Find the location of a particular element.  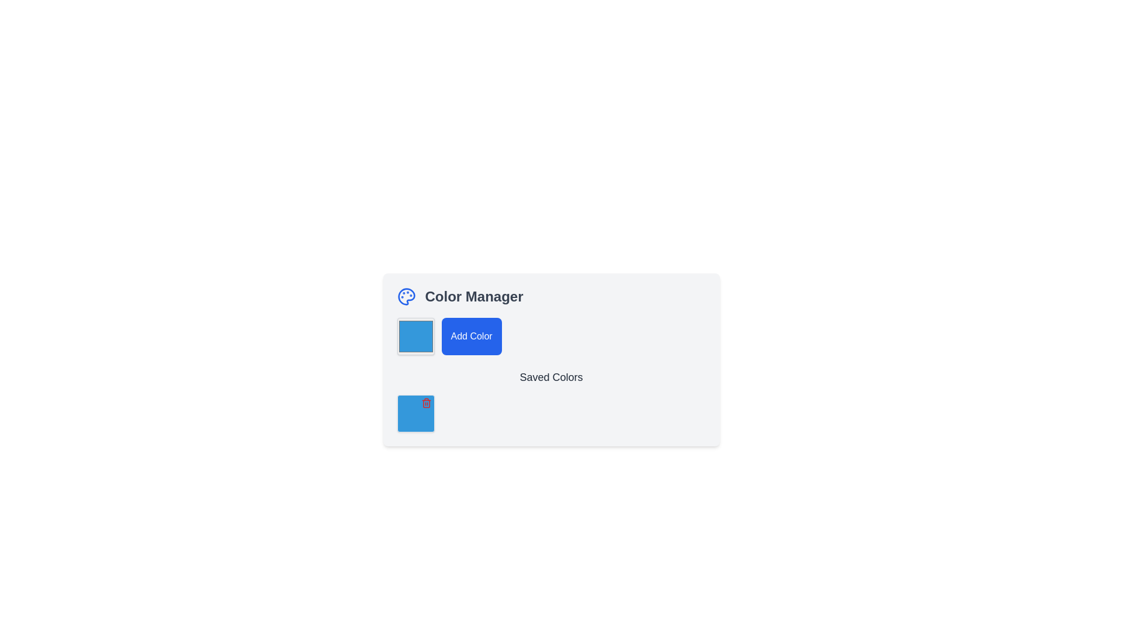

the blue palette icon located to the left of the 'Color Manager' text is located at coordinates (406, 296).